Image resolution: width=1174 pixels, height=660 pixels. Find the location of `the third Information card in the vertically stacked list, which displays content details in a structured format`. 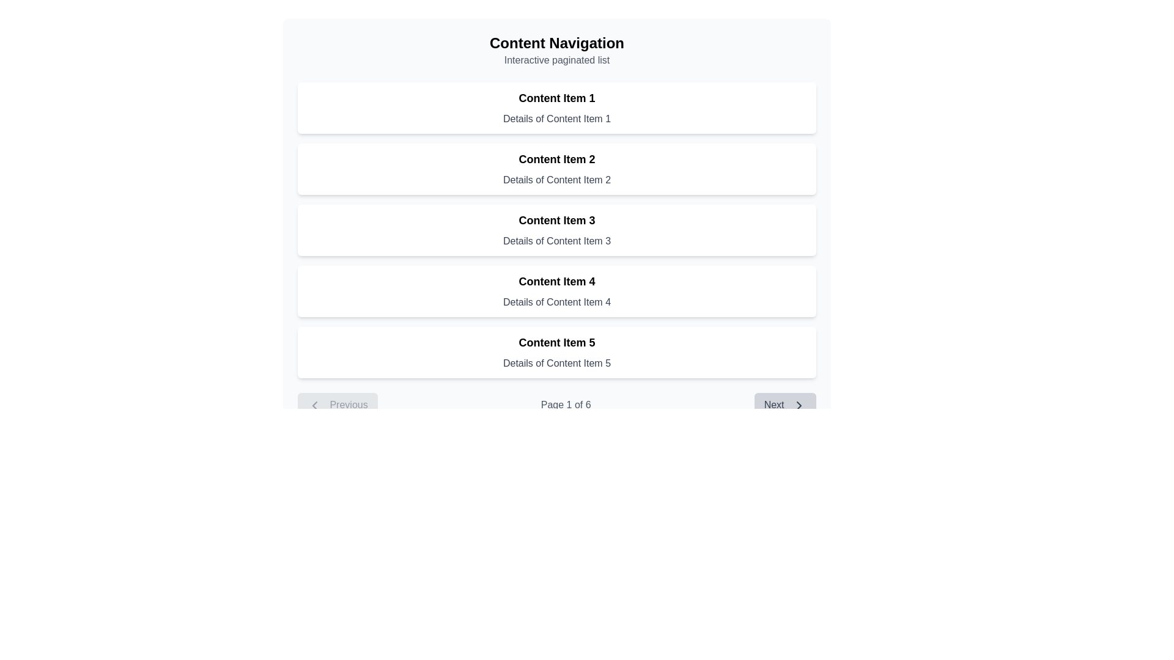

the third Information card in the vertically stacked list, which displays content details in a structured format is located at coordinates (556, 230).